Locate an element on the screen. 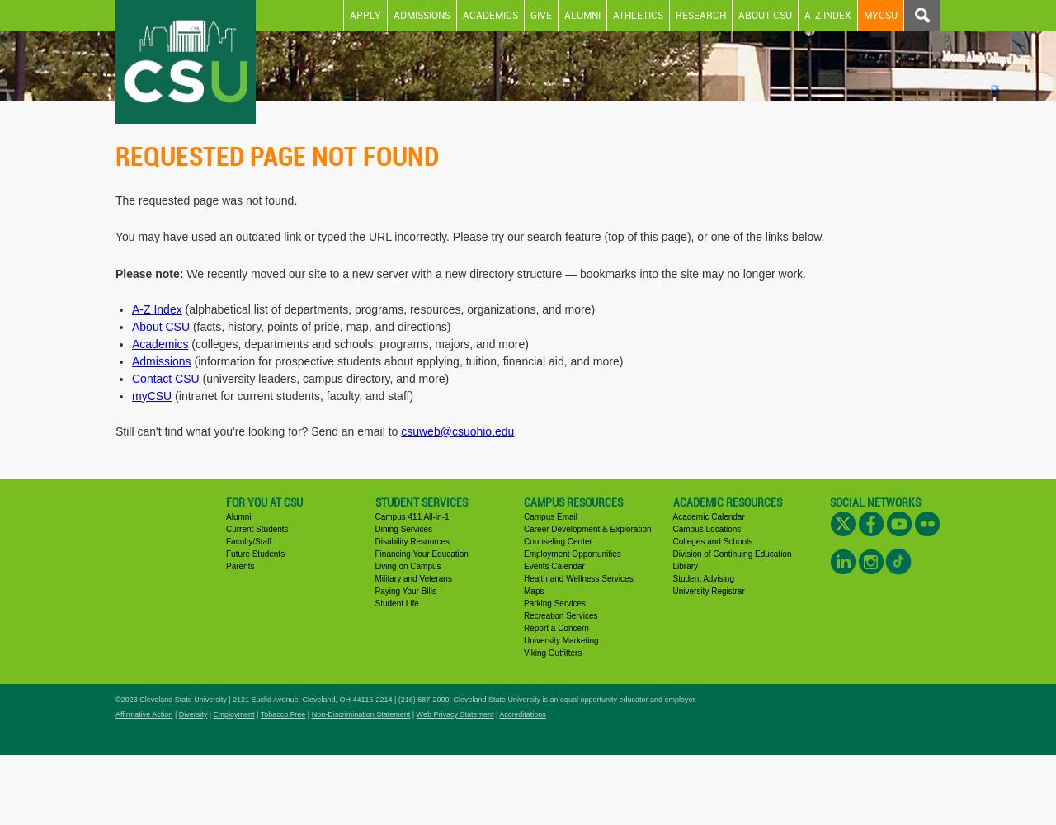 Image resolution: width=1056 pixels, height=825 pixels. 'University Registrar' is located at coordinates (708, 589).